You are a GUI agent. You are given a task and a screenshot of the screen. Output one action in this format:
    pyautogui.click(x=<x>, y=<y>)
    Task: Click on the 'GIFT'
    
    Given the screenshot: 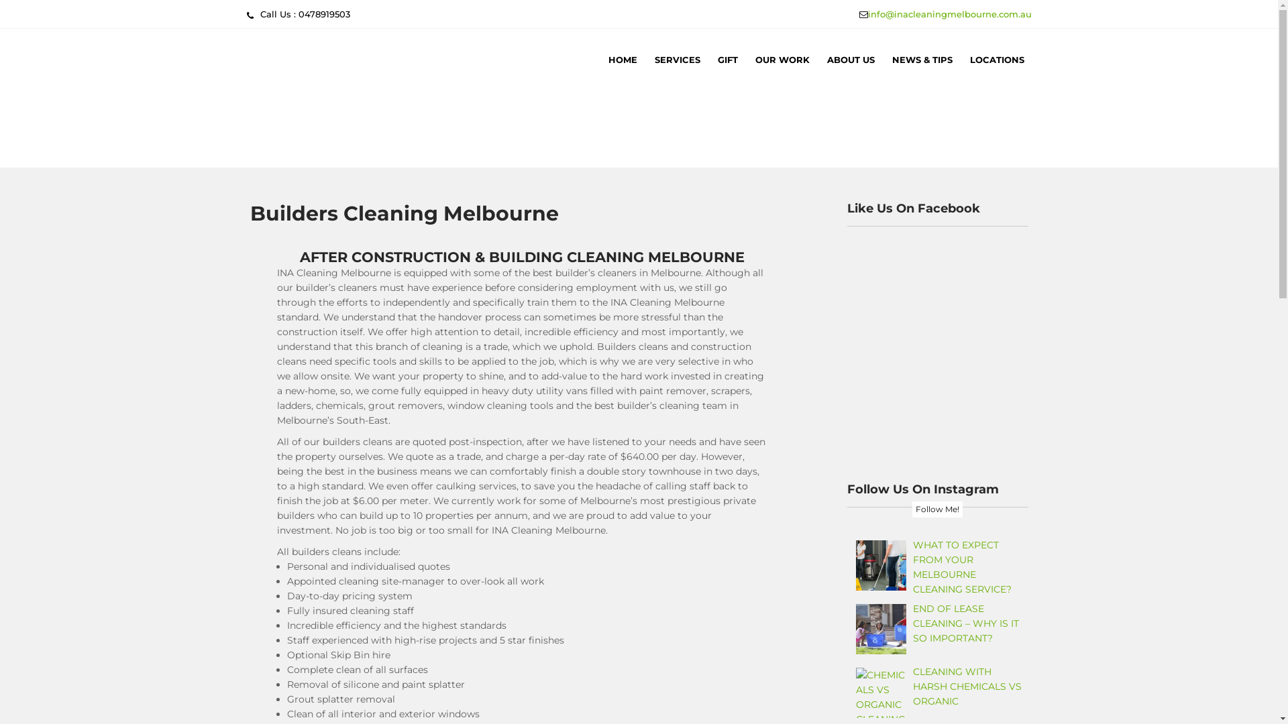 What is the action you would take?
    pyautogui.click(x=727, y=58)
    